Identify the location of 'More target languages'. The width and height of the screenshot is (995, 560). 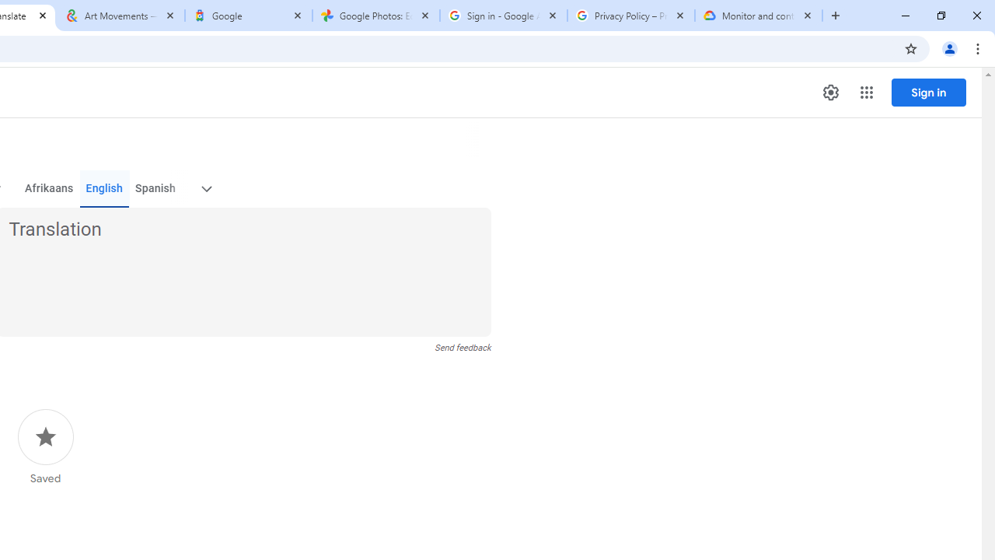
(204, 188).